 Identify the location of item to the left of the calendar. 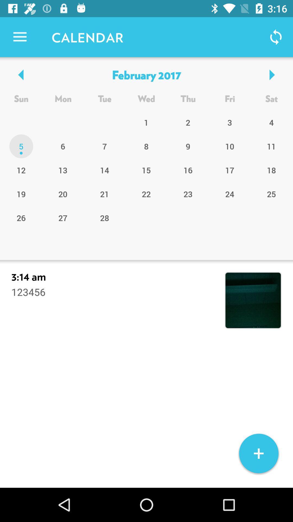
(20, 37).